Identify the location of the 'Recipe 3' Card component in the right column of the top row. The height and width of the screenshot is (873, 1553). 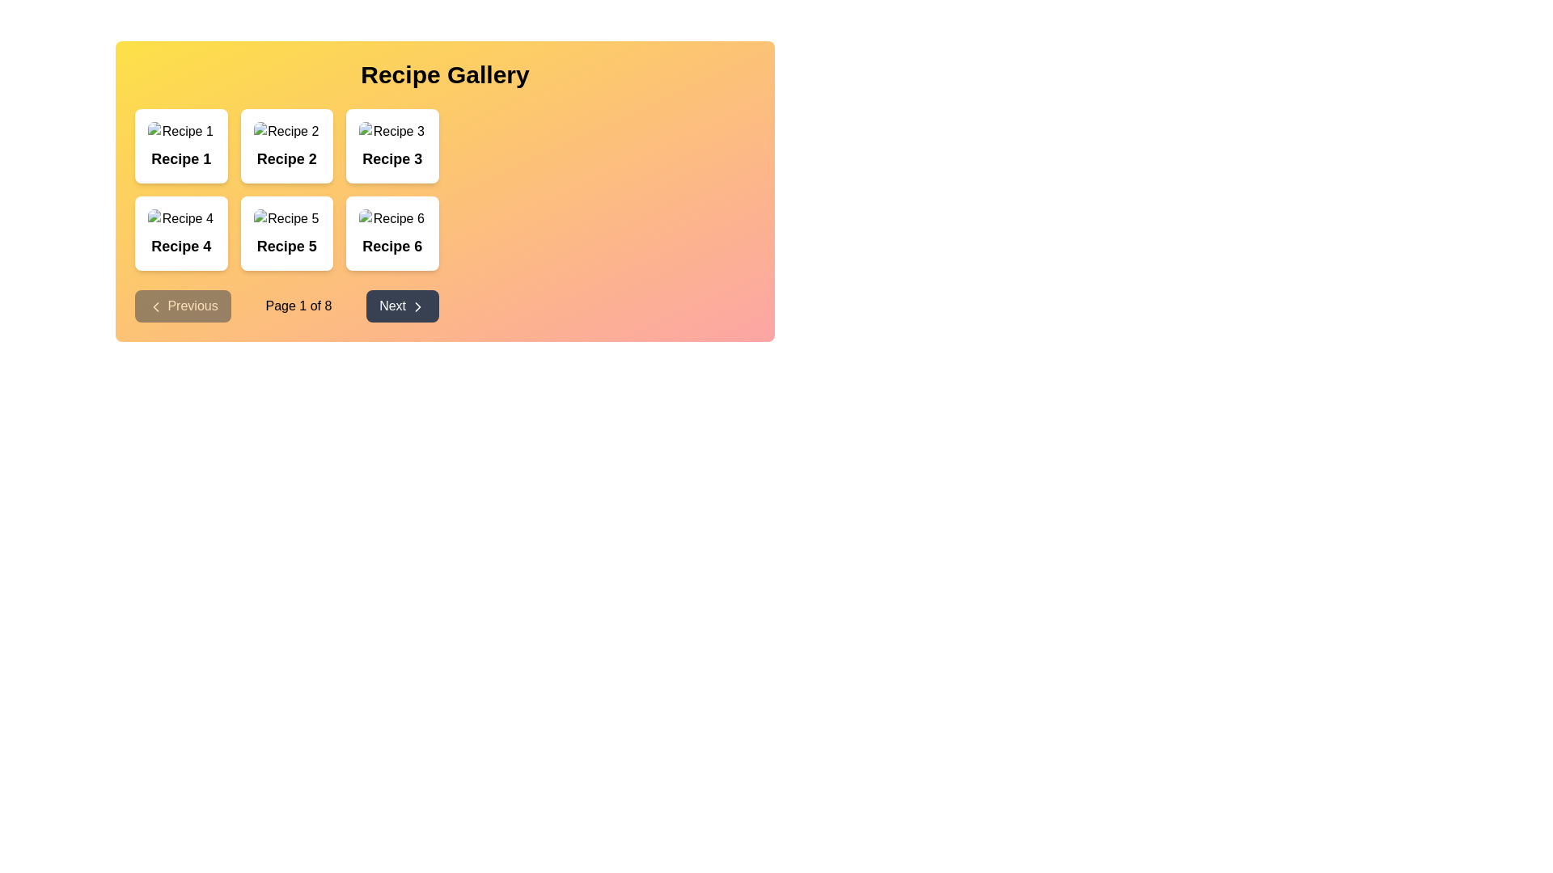
(392, 146).